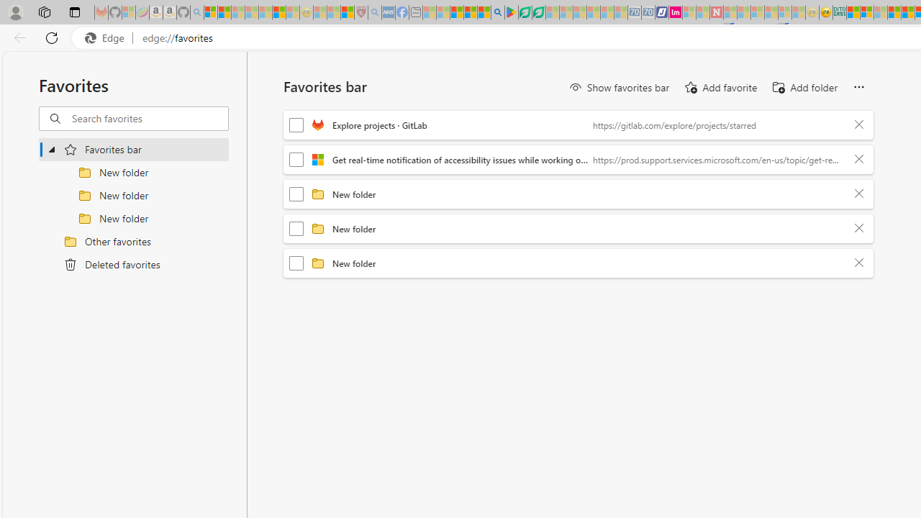 This screenshot has height=518, width=921. Describe the element at coordinates (675, 12) in the screenshot. I see `'Jobs - lastminute.com Investor Portal'` at that location.